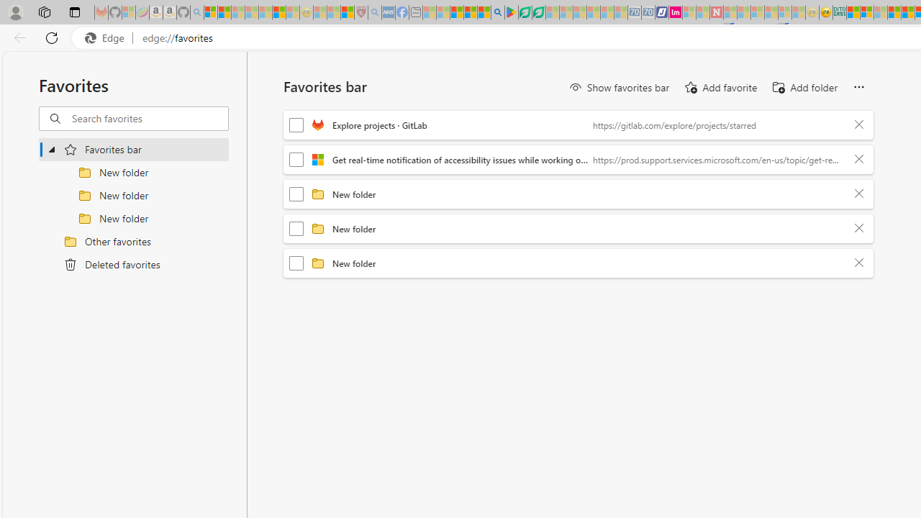 This screenshot has height=518, width=921. Describe the element at coordinates (675, 12) in the screenshot. I see `'Jobs - lastminute.com Investor Portal'` at that location.